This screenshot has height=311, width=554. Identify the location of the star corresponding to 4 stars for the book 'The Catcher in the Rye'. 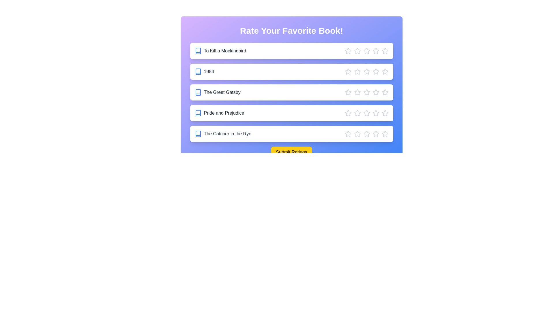
(376, 134).